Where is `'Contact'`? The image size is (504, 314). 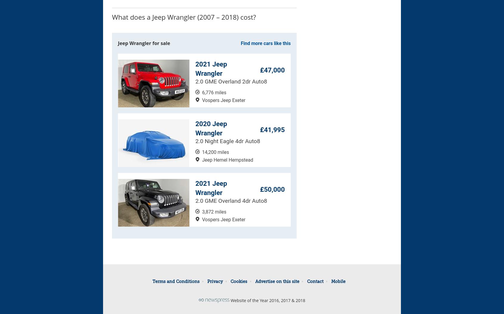 'Contact' is located at coordinates (306, 281).